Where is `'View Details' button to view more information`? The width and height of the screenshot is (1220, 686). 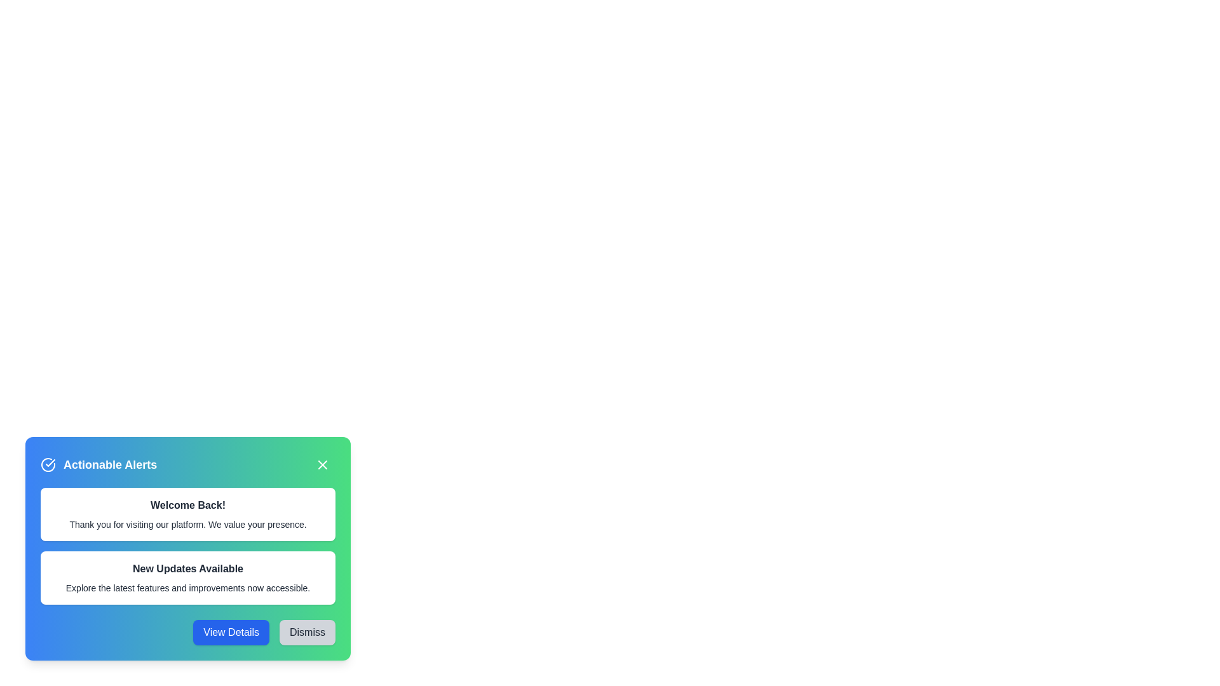
'View Details' button to view more information is located at coordinates (231, 632).